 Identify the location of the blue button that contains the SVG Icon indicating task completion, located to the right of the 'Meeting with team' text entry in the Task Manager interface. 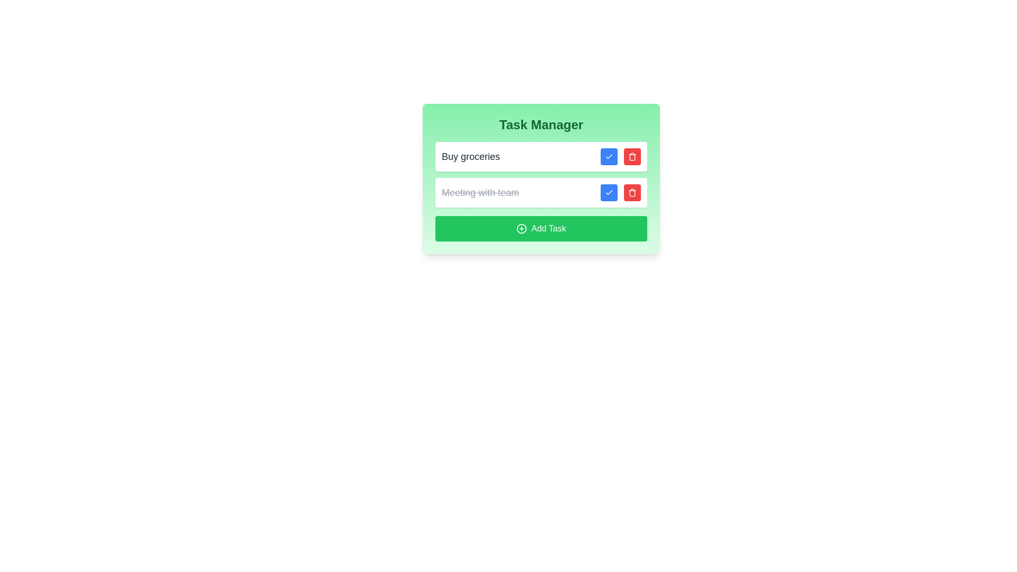
(609, 157).